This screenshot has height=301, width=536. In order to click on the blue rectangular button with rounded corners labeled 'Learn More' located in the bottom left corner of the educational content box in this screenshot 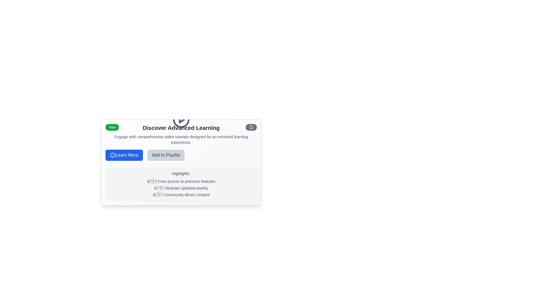, I will do `click(124, 155)`.